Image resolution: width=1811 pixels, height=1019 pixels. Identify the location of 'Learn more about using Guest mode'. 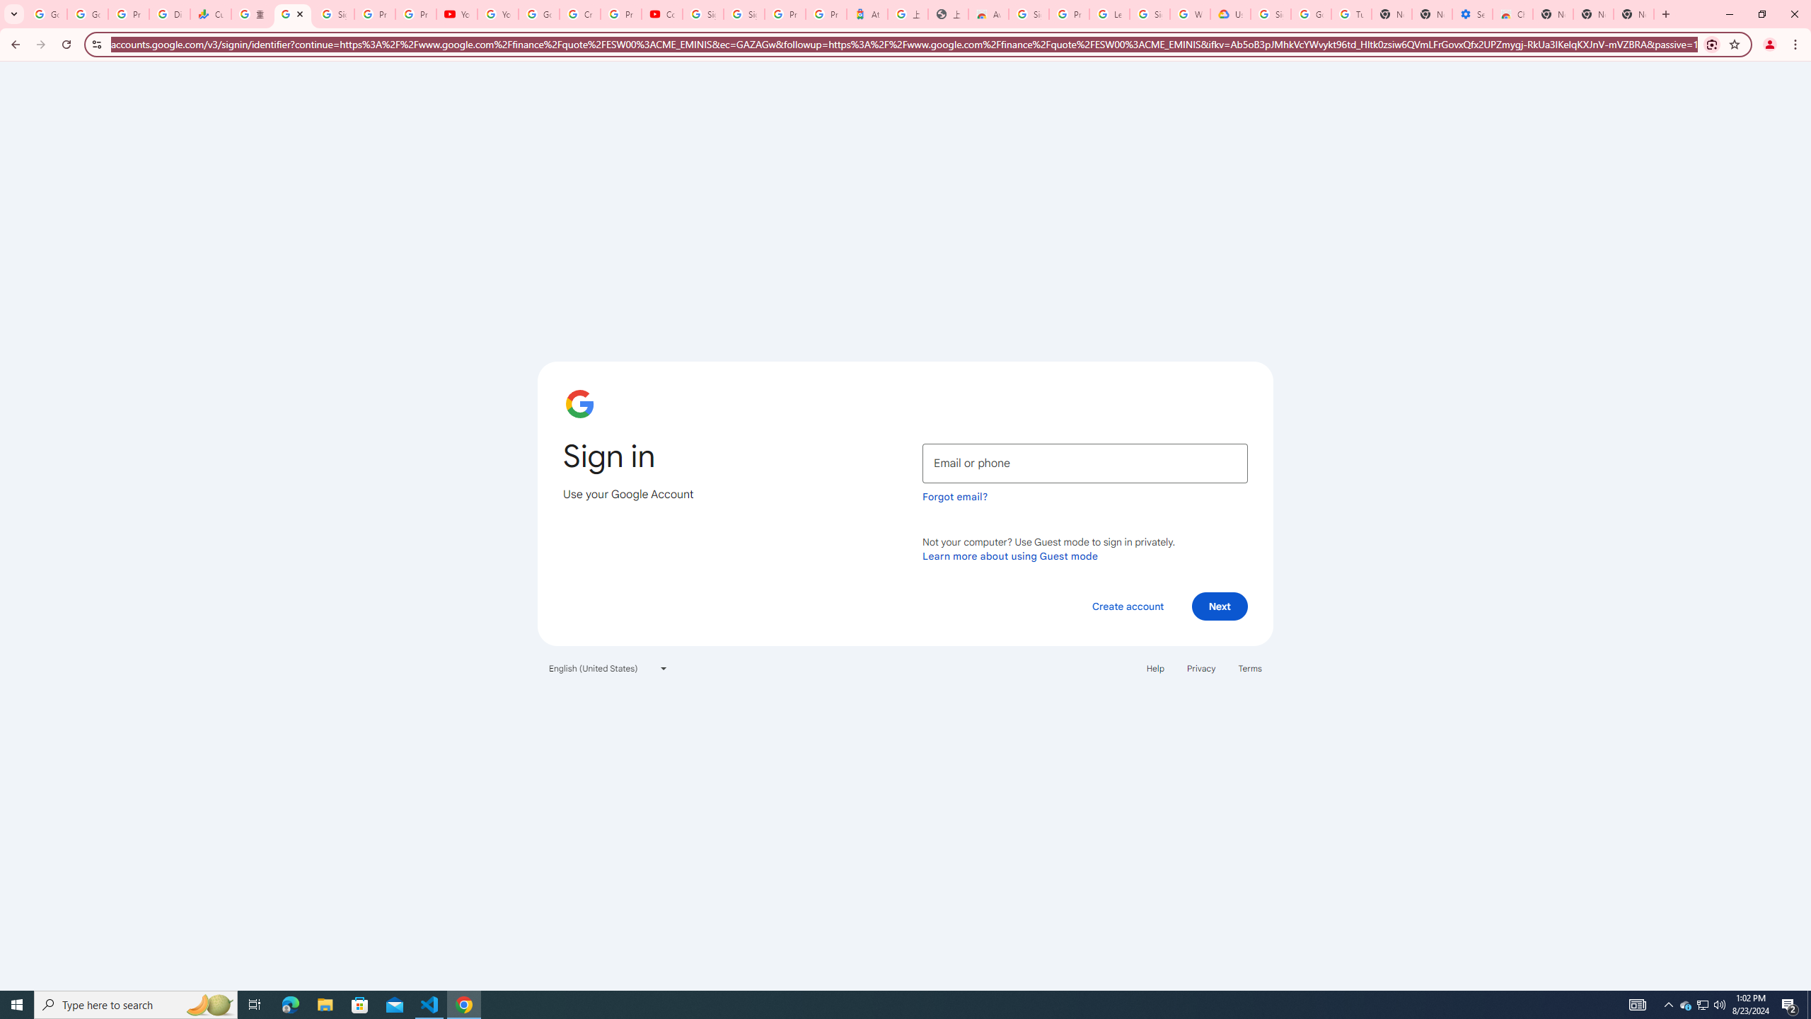
(1009, 555).